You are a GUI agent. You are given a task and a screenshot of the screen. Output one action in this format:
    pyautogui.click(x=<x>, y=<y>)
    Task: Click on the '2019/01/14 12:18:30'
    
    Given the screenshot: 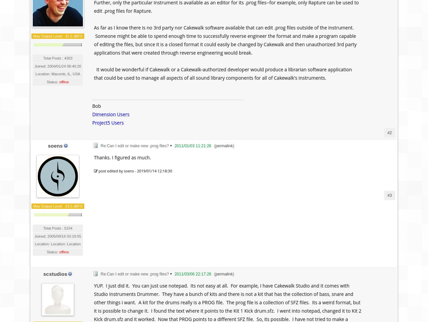 What is the action you would take?
    pyautogui.click(x=154, y=170)
    